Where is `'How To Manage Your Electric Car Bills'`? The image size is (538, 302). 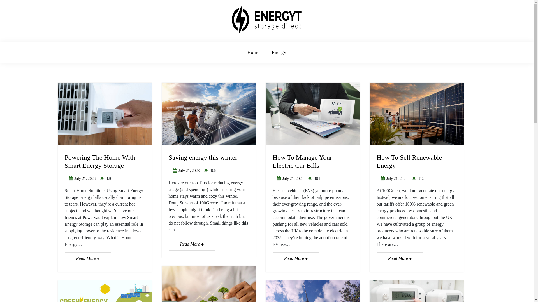
'How To Manage Your Electric Car Bills' is located at coordinates (302, 161).